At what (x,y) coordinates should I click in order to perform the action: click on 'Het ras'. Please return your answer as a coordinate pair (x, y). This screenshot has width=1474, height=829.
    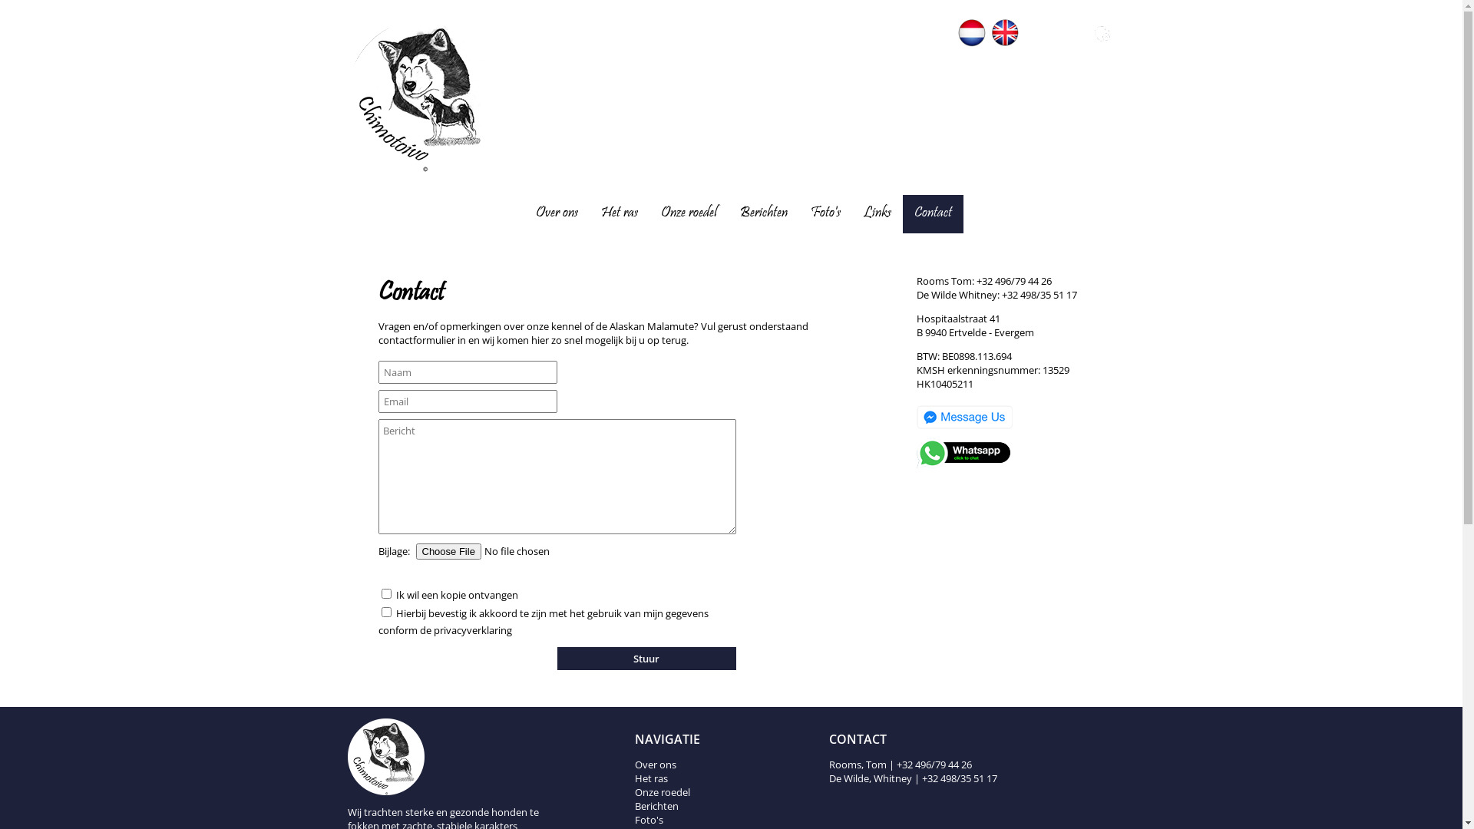
    Looking at the image, I should click on (651, 778).